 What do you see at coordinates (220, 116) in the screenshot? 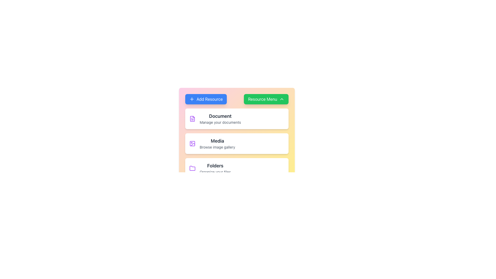
I see `the Text Label indicating 'Document' which serves as a header for the section above the text 'Manage your documents'` at bounding box center [220, 116].